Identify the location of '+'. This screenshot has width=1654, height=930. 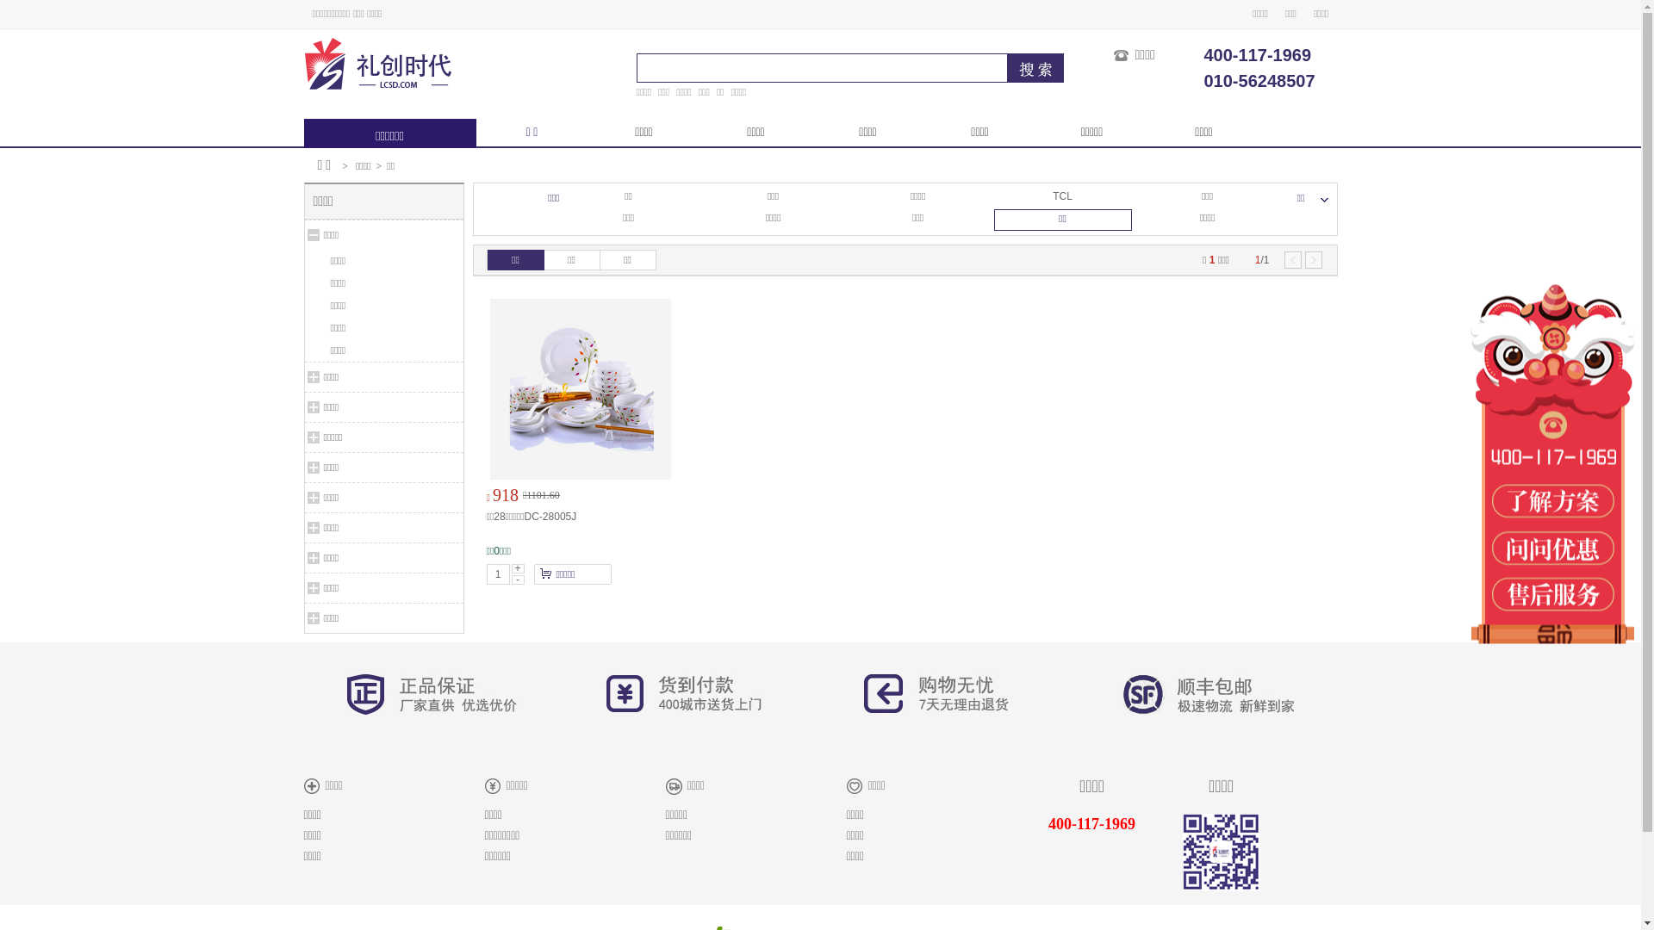
(511, 568).